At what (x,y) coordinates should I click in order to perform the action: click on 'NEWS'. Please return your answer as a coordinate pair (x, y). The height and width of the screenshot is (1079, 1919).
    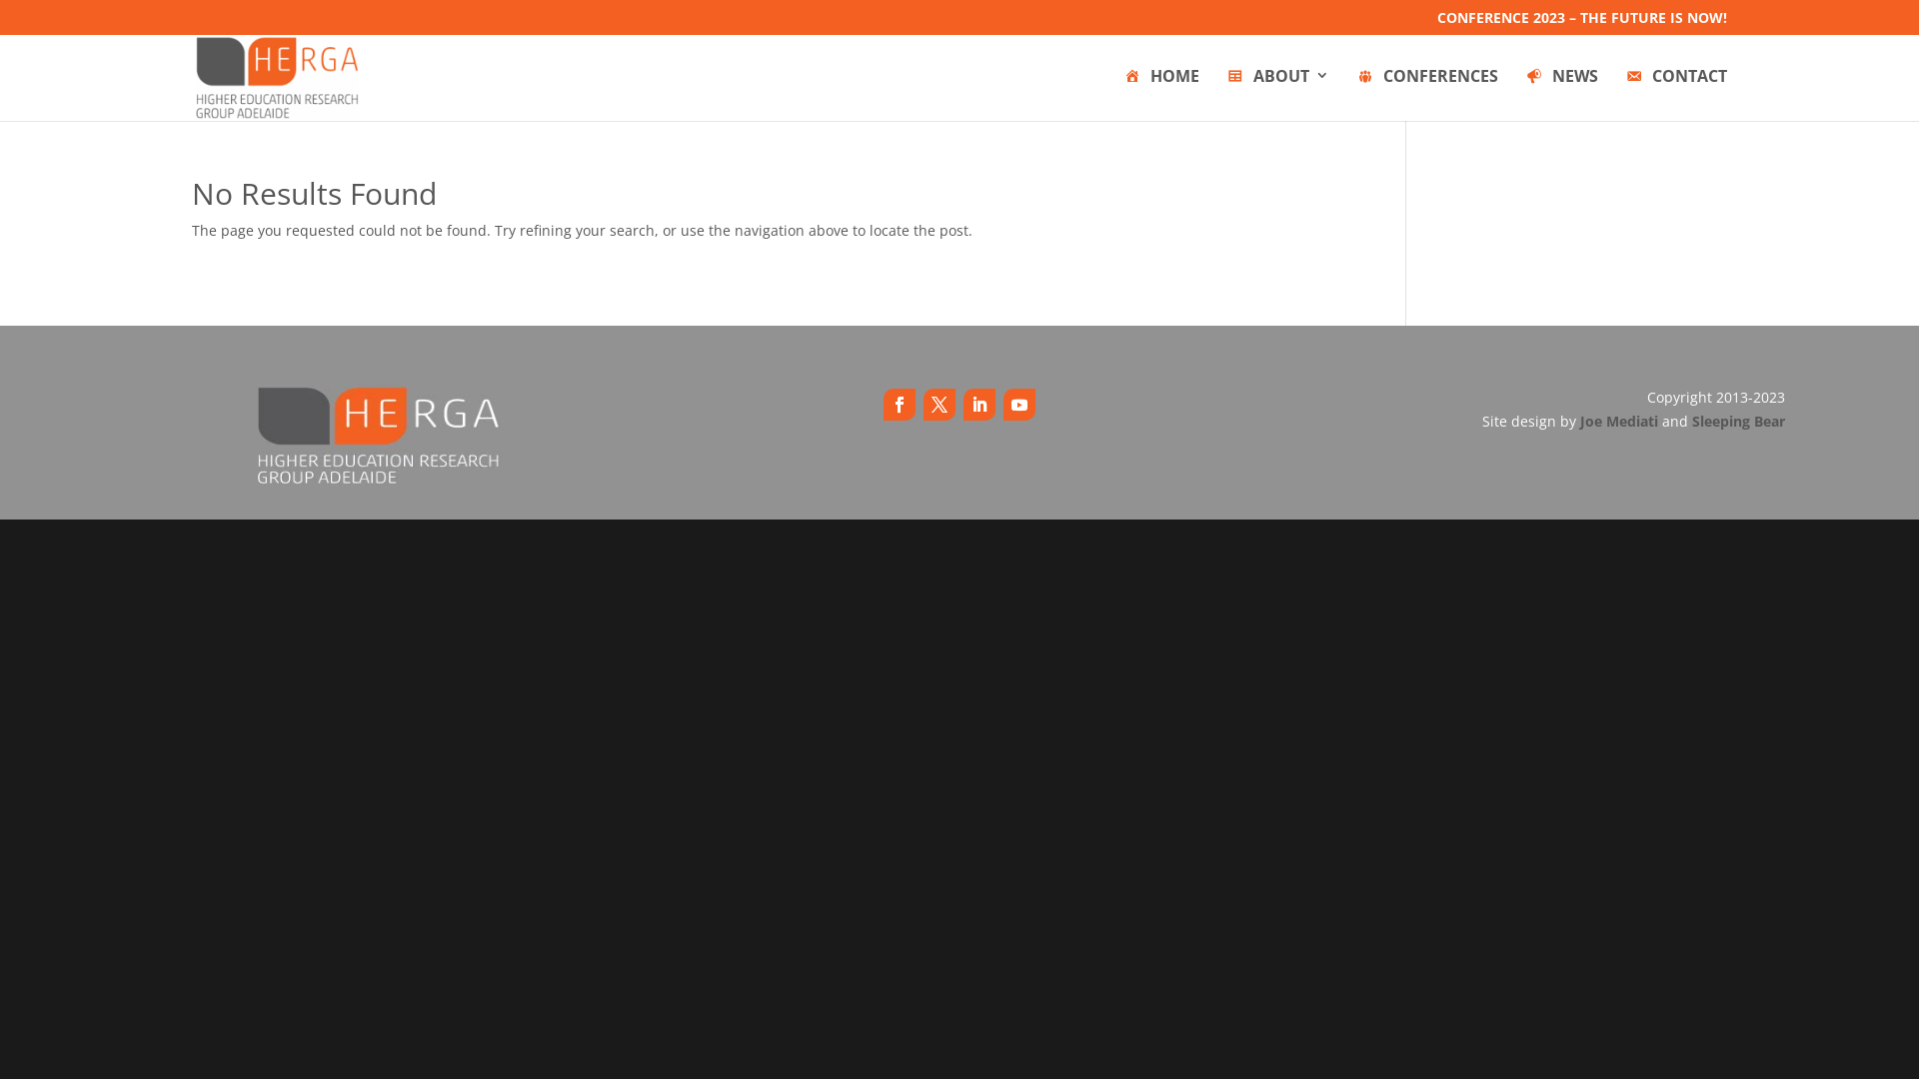
    Looking at the image, I should click on (1559, 94).